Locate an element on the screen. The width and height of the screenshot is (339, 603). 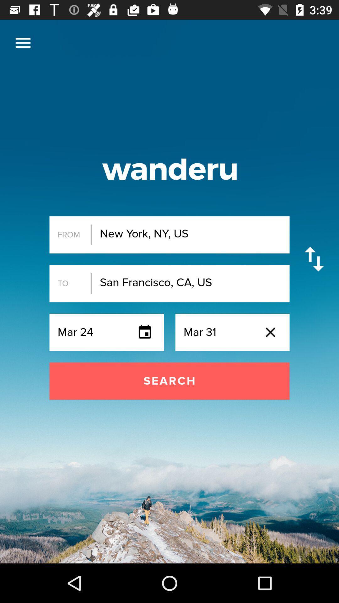
exchange cities is located at coordinates (314, 259).